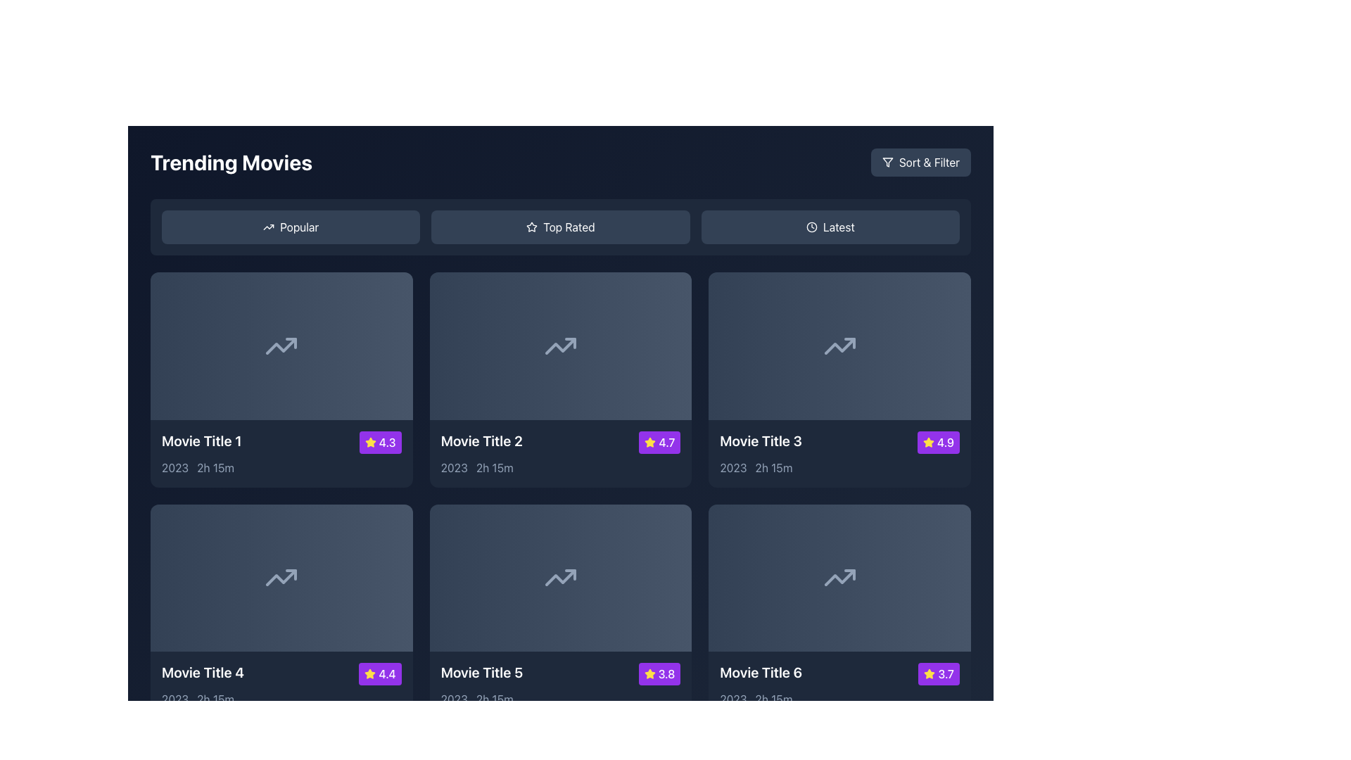 This screenshot has width=1351, height=760. I want to click on the decorative Vector icon graphic associated with 'Movie Title 3' in the 'Trending Movies' grid, so click(839, 346).